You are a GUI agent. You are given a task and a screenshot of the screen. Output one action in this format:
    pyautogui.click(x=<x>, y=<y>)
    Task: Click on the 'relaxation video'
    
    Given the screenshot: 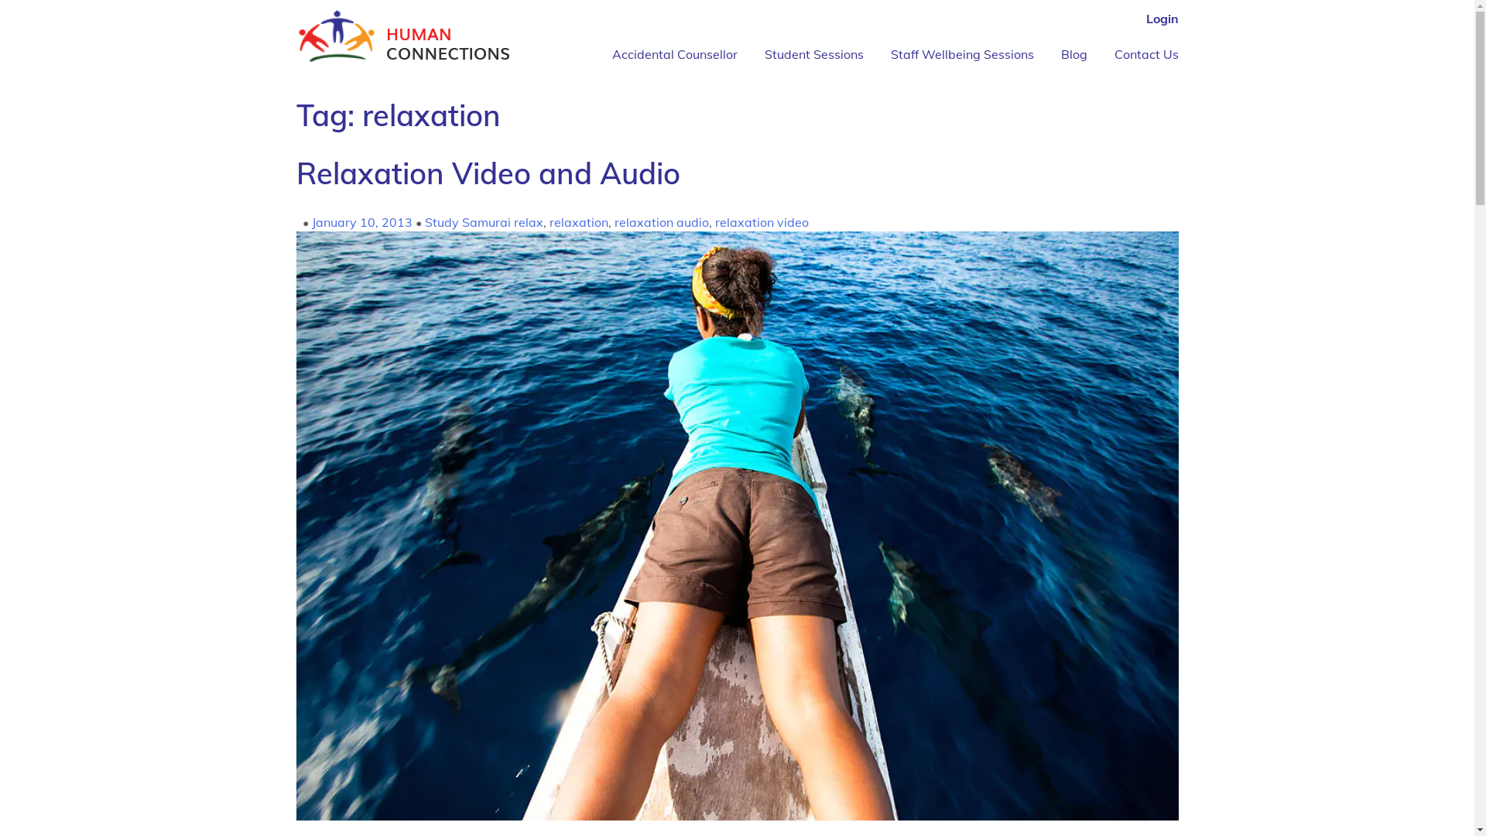 What is the action you would take?
    pyautogui.click(x=714, y=221)
    